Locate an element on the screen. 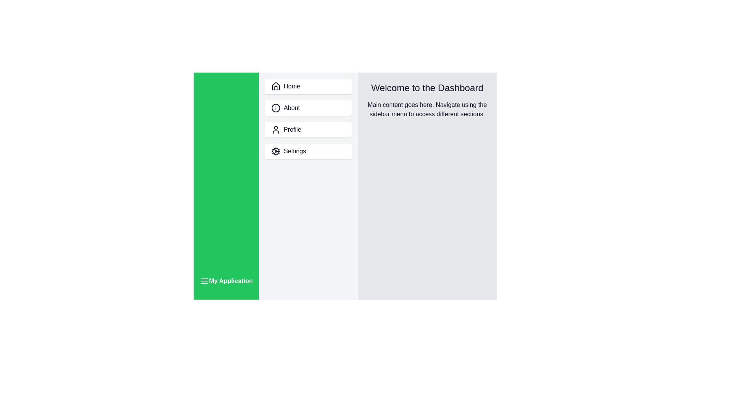 Image resolution: width=742 pixels, height=417 pixels. toggle button to change the sidebar's visibility is located at coordinates (204, 281).